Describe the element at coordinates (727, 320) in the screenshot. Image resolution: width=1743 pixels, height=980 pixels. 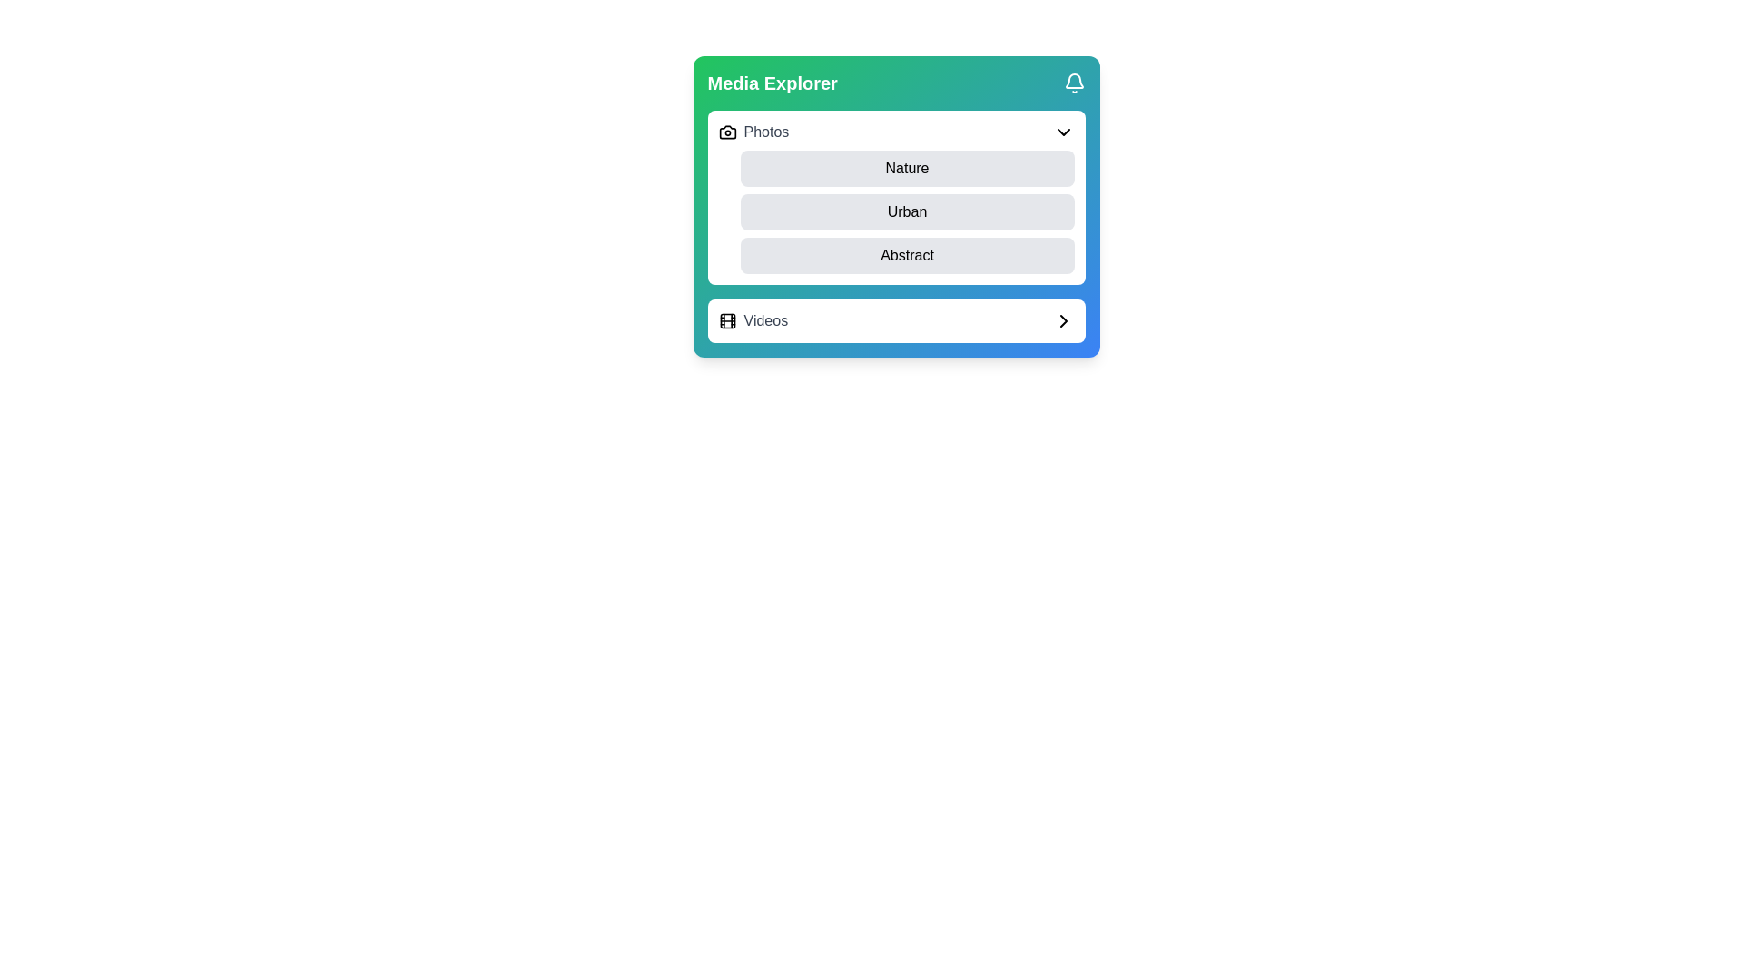
I see `the film strip icon located to the left of the 'Videos' label in the 'Media Explorer' interface` at that location.